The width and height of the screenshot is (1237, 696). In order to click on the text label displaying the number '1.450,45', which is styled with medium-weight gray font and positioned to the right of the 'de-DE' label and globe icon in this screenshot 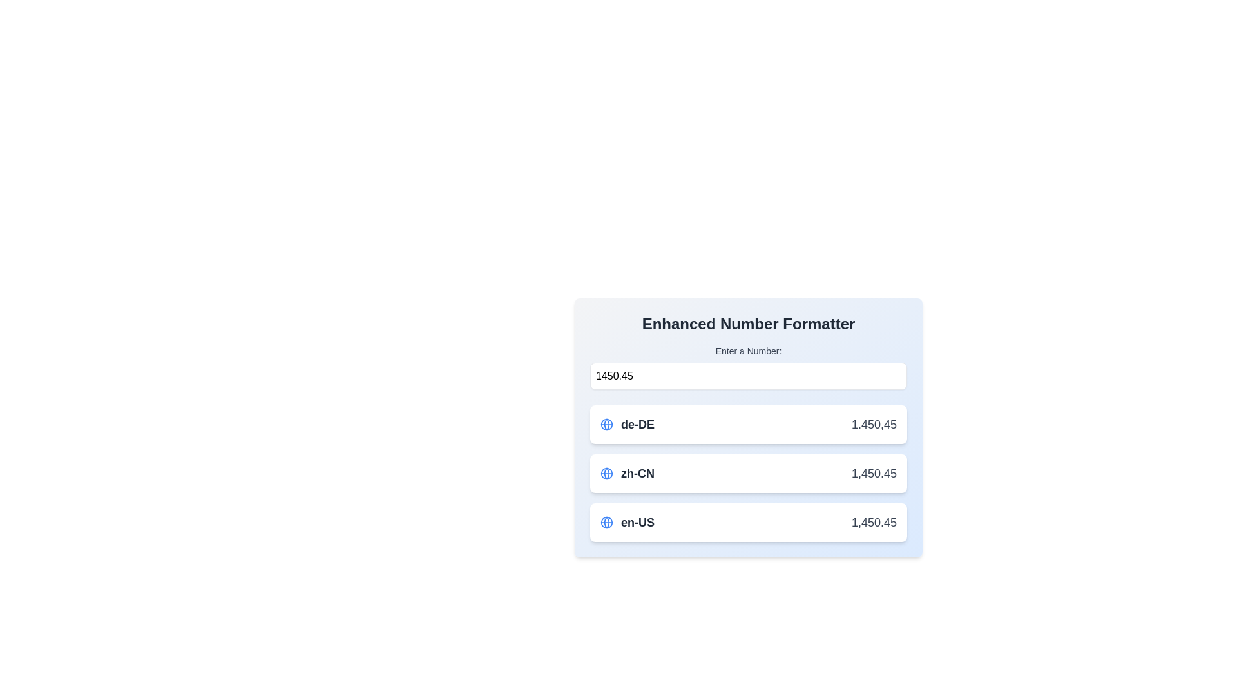, I will do `click(874, 425)`.